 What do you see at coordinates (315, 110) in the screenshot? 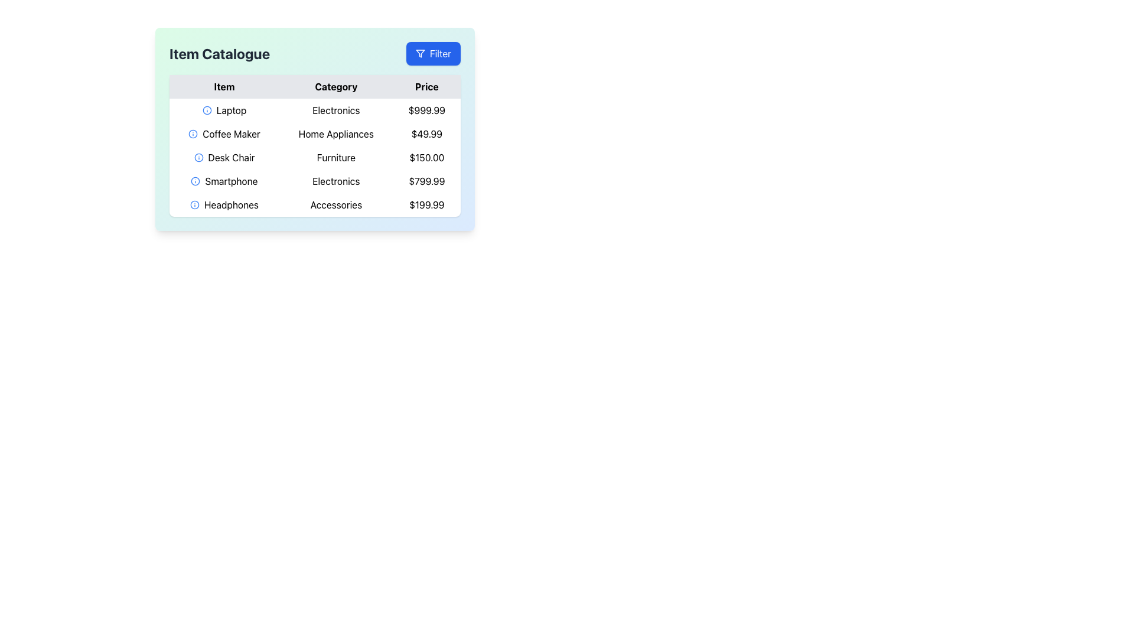
I see `the first row of the Item Catalogue table that contains 'Laptop', 'Electronics', and '$999.99' for details` at bounding box center [315, 110].